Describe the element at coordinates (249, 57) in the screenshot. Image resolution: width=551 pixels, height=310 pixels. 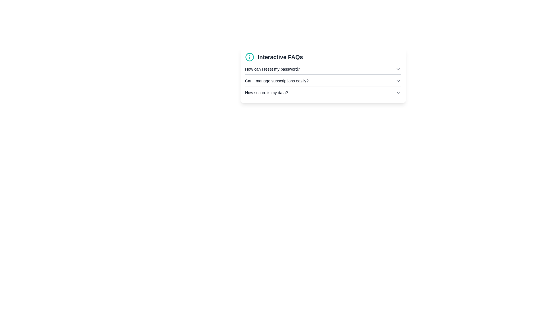
I see `the SVG Circle Element that serves as a base or background for the 'Interactive FAQs' icon, located at the top of the help or FAQ section` at that location.